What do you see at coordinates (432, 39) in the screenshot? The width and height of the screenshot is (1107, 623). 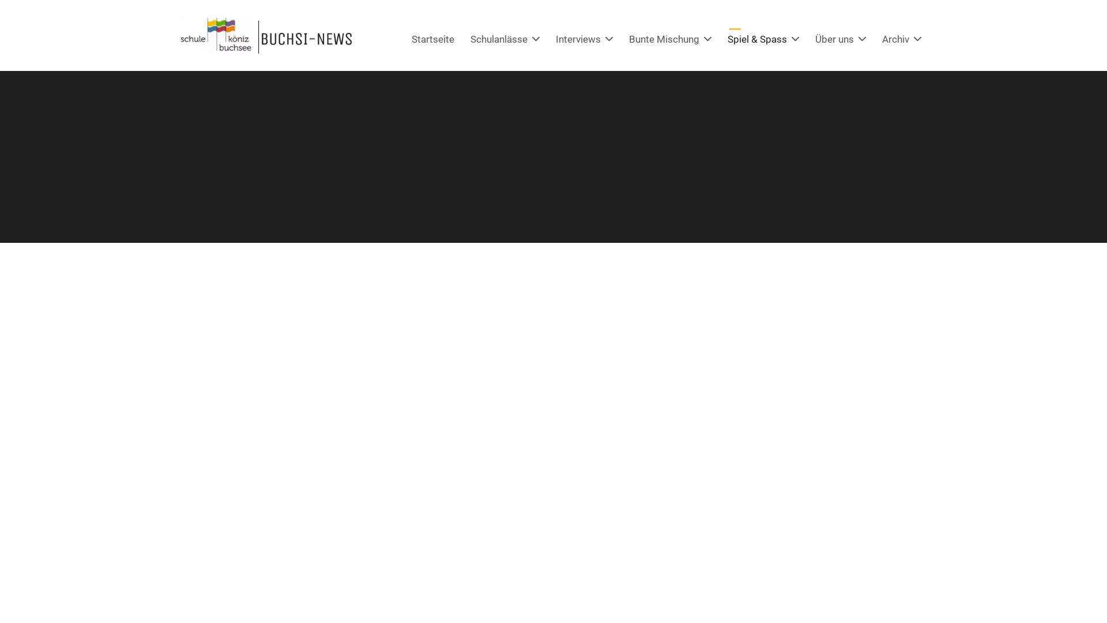 I see `'Startseite'` at bounding box center [432, 39].